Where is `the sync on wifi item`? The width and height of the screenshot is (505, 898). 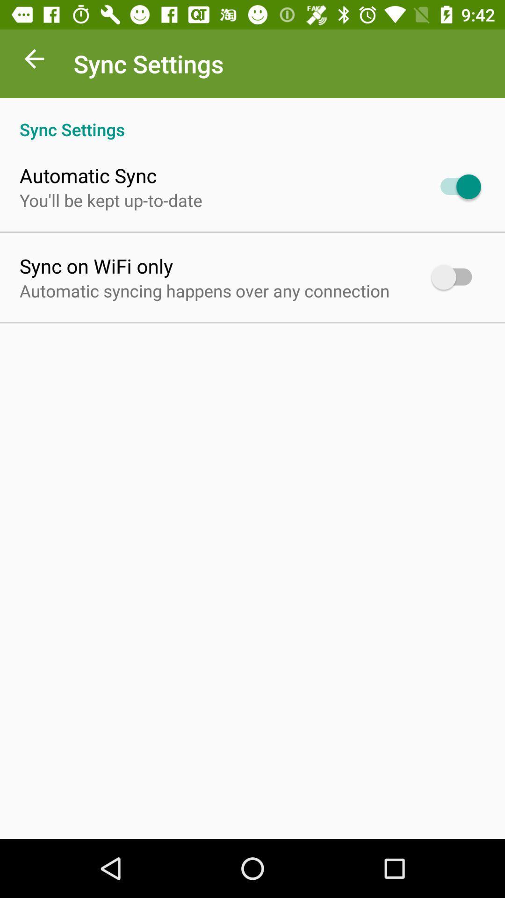 the sync on wifi item is located at coordinates (96, 265).